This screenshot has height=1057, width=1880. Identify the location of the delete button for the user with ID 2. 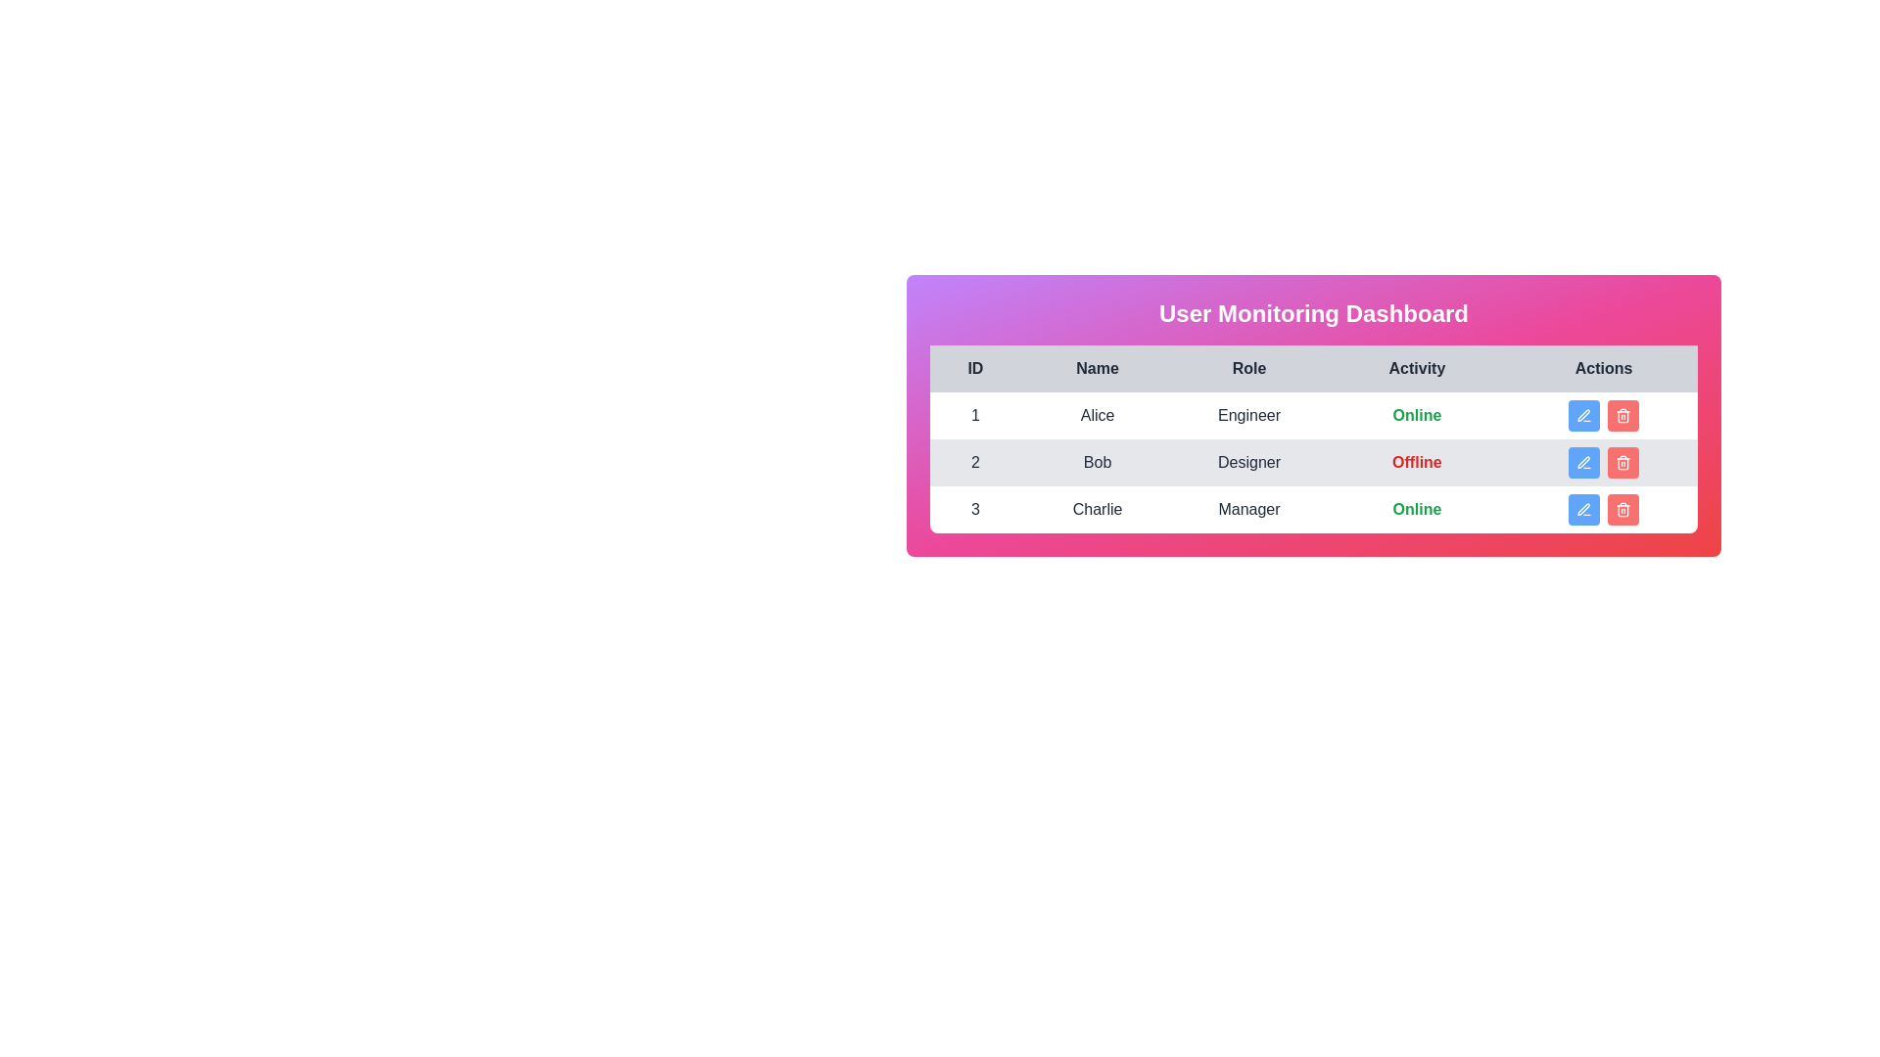
(1623, 463).